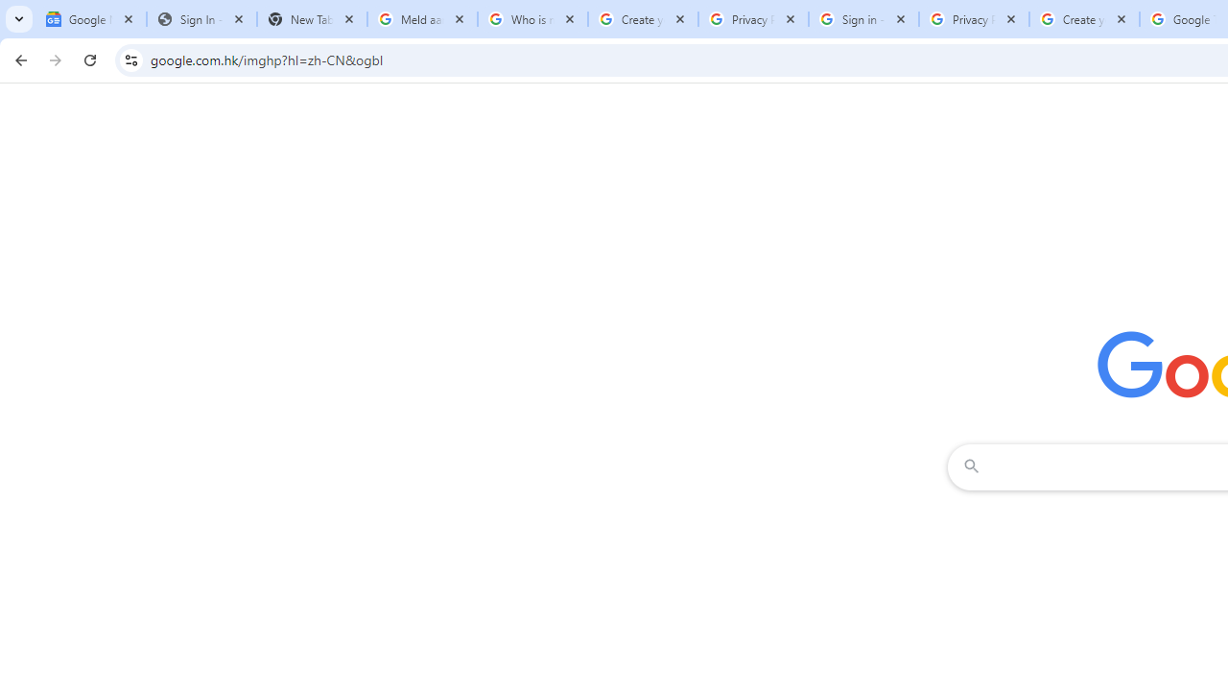 The image size is (1228, 691). What do you see at coordinates (1084, 19) in the screenshot?
I see `'Create your Google Account'` at bounding box center [1084, 19].